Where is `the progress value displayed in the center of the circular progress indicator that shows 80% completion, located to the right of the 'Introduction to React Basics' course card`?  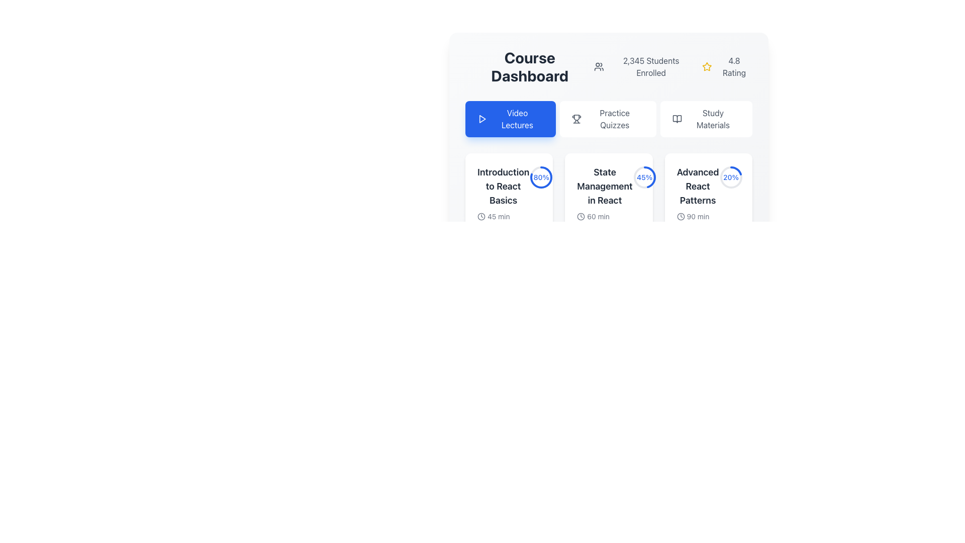
the progress value displayed in the center of the circular progress indicator that shows 80% completion, located to the right of the 'Introduction to React Basics' course card is located at coordinates (541, 177).